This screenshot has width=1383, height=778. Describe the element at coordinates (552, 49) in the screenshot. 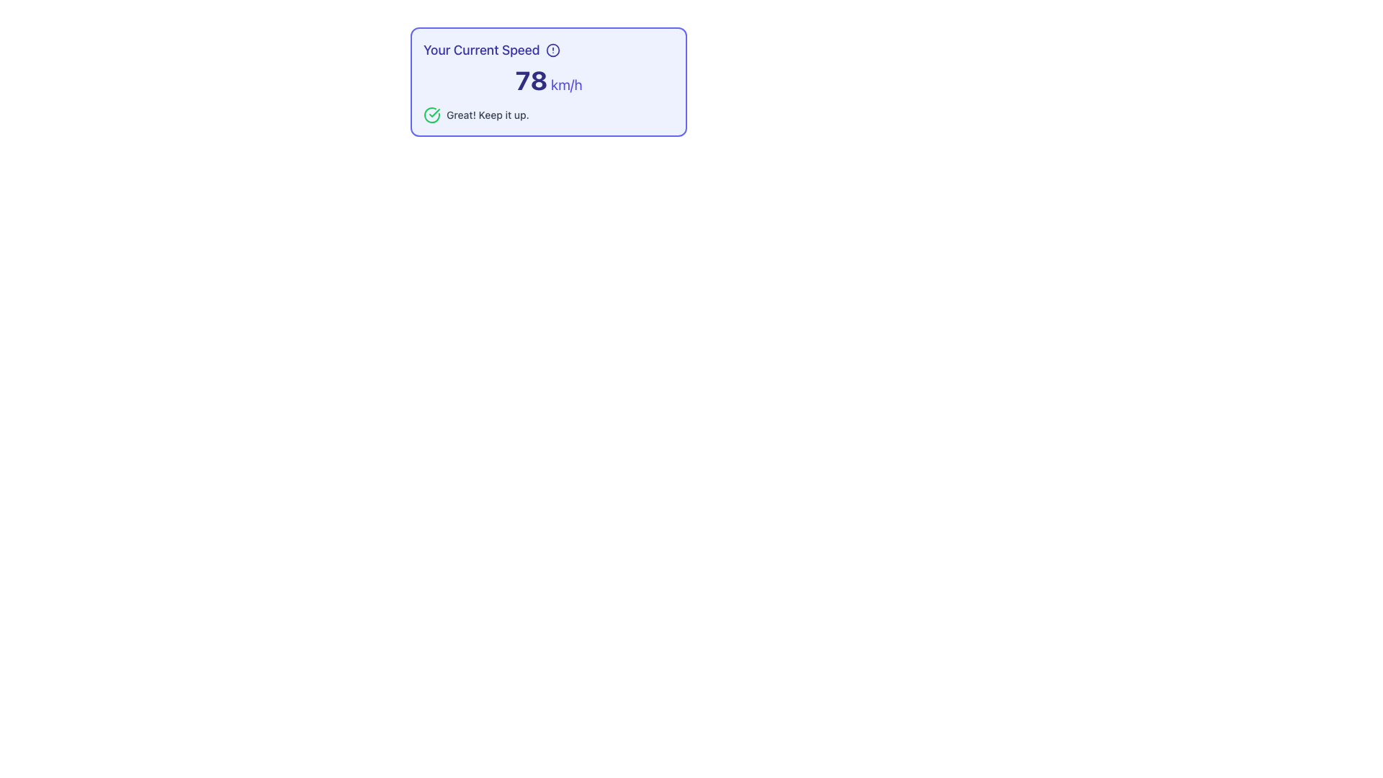

I see `the indication of the indigo circular icon with an alert symbol, located to the right of the 'Your Current Speed' text near the top-left of the panel` at that location.